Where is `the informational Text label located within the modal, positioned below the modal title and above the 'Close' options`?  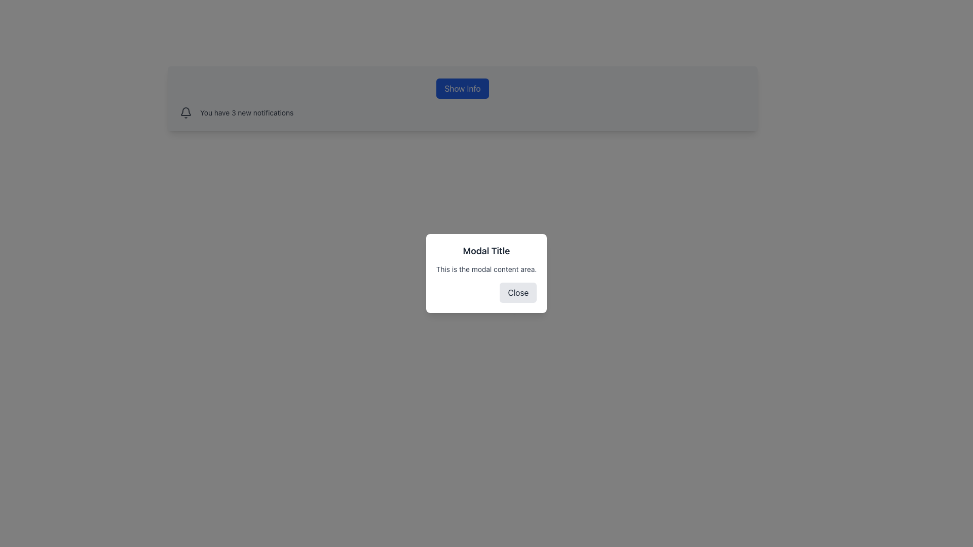
the informational Text label located within the modal, positioned below the modal title and above the 'Close' options is located at coordinates (486, 269).